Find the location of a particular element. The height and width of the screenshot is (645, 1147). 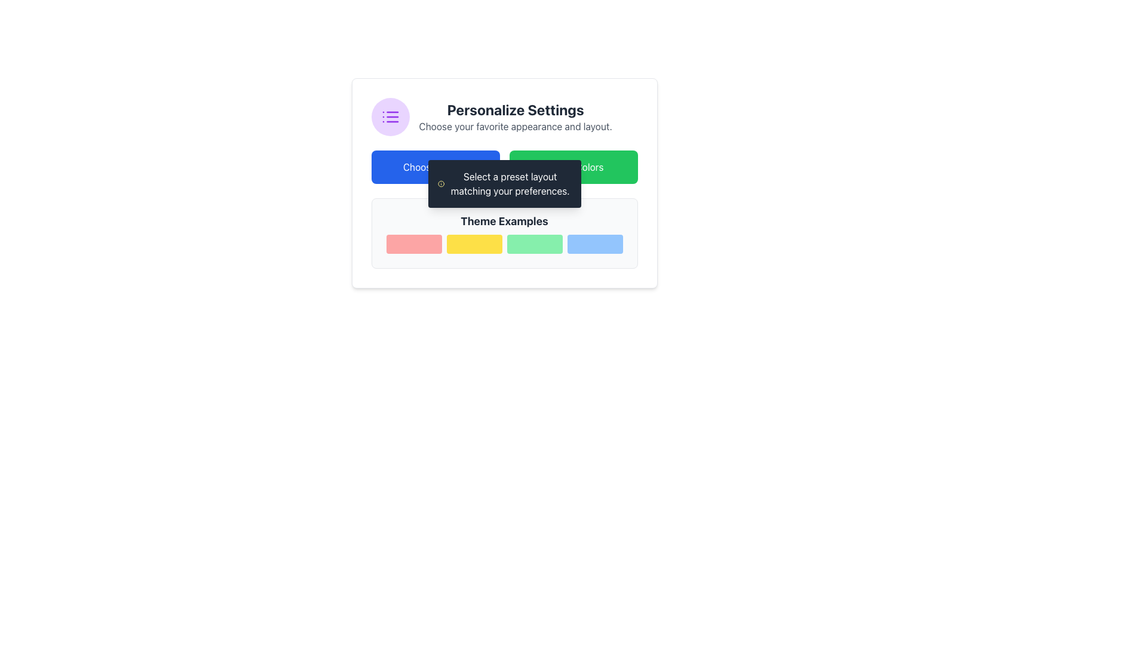

the green rectangular block with rounded corners located under the 'Theme Examples' section, positioned as the third block in a row of four is located at coordinates (533, 243).